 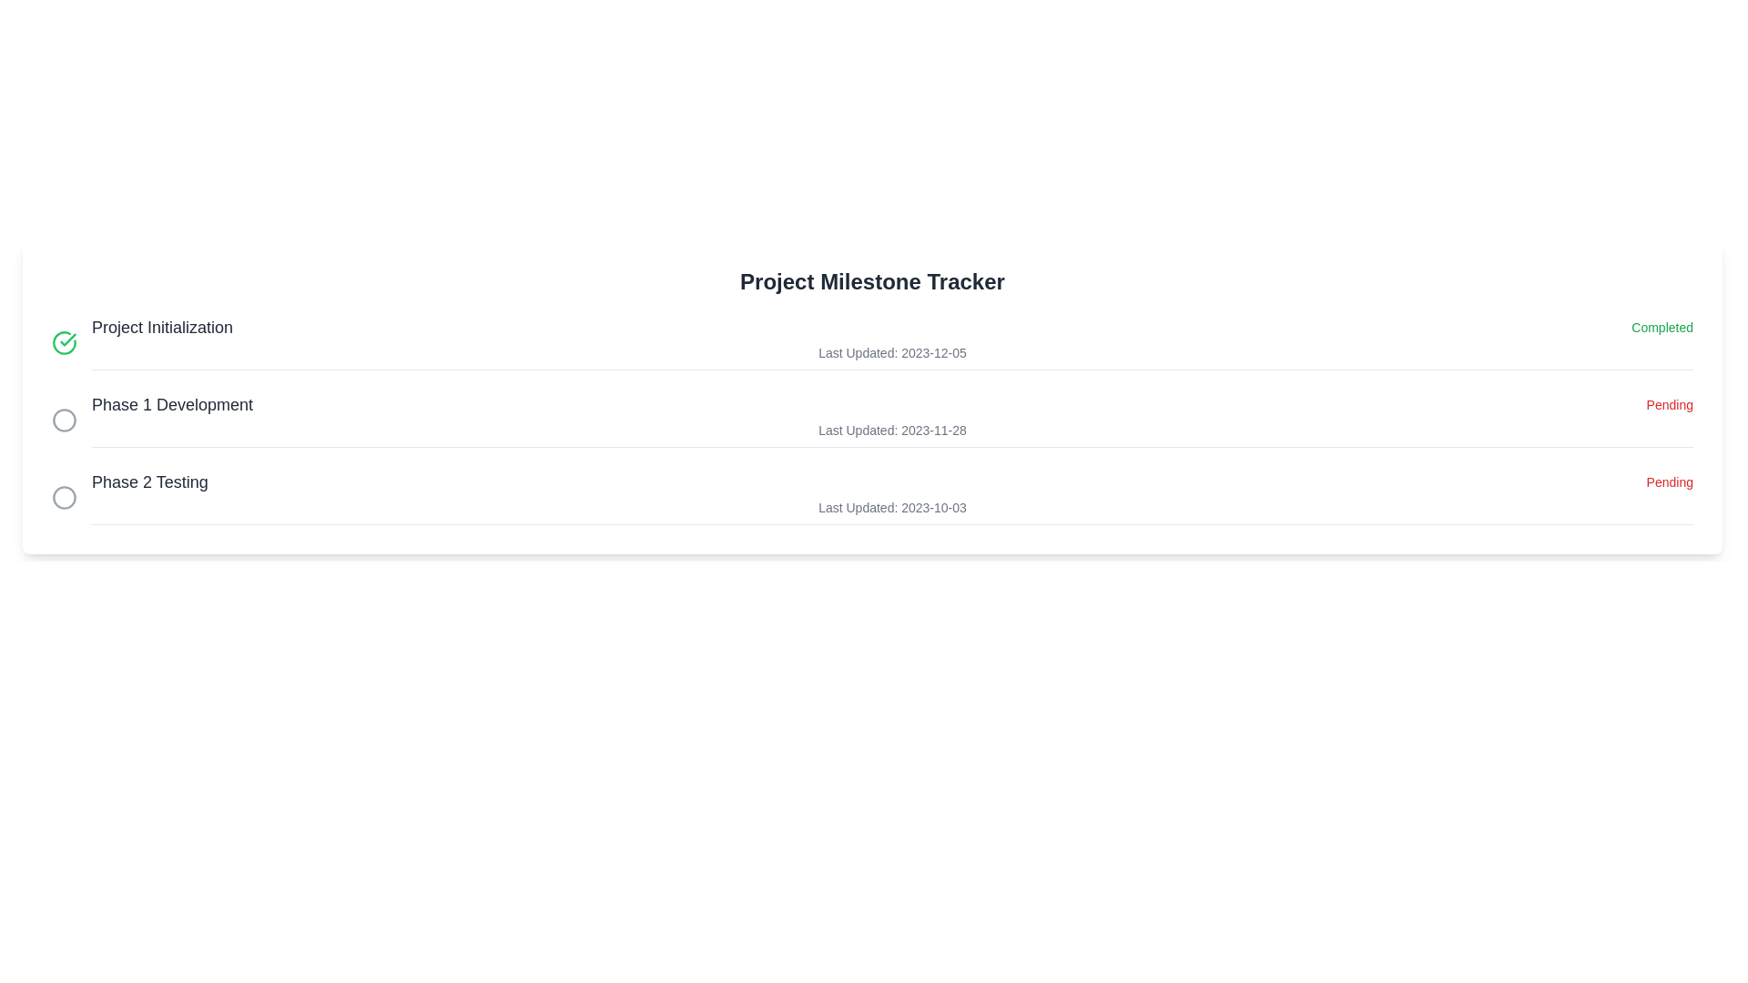 What do you see at coordinates (65, 497) in the screenshot?
I see `the circular icon indicator located to the left of the text 'Phase 2 Testing' in the third row` at bounding box center [65, 497].